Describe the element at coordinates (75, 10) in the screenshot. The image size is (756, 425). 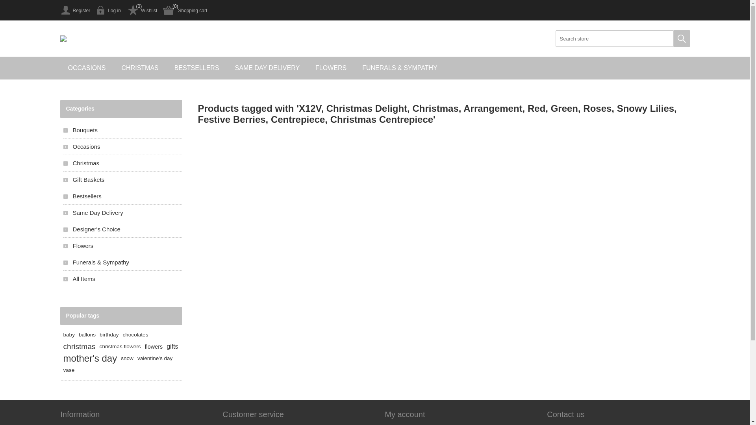
I see `'Register'` at that location.